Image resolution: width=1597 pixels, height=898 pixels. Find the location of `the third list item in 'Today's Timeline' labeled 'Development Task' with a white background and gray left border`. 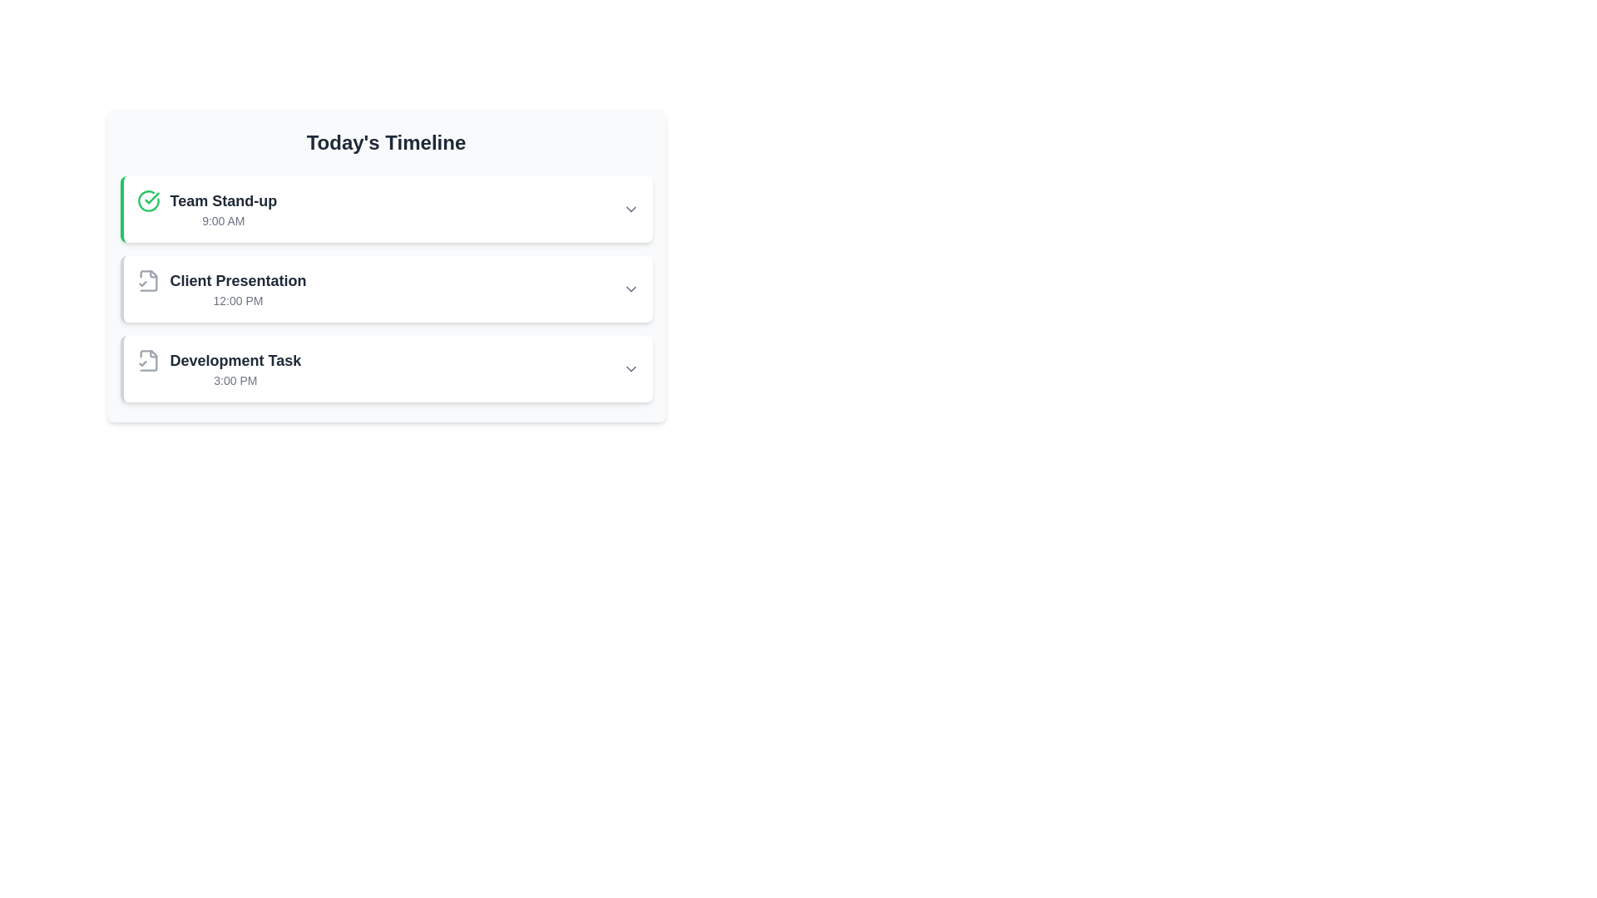

the third list item in 'Today's Timeline' labeled 'Development Task' with a white background and gray left border is located at coordinates (385, 368).